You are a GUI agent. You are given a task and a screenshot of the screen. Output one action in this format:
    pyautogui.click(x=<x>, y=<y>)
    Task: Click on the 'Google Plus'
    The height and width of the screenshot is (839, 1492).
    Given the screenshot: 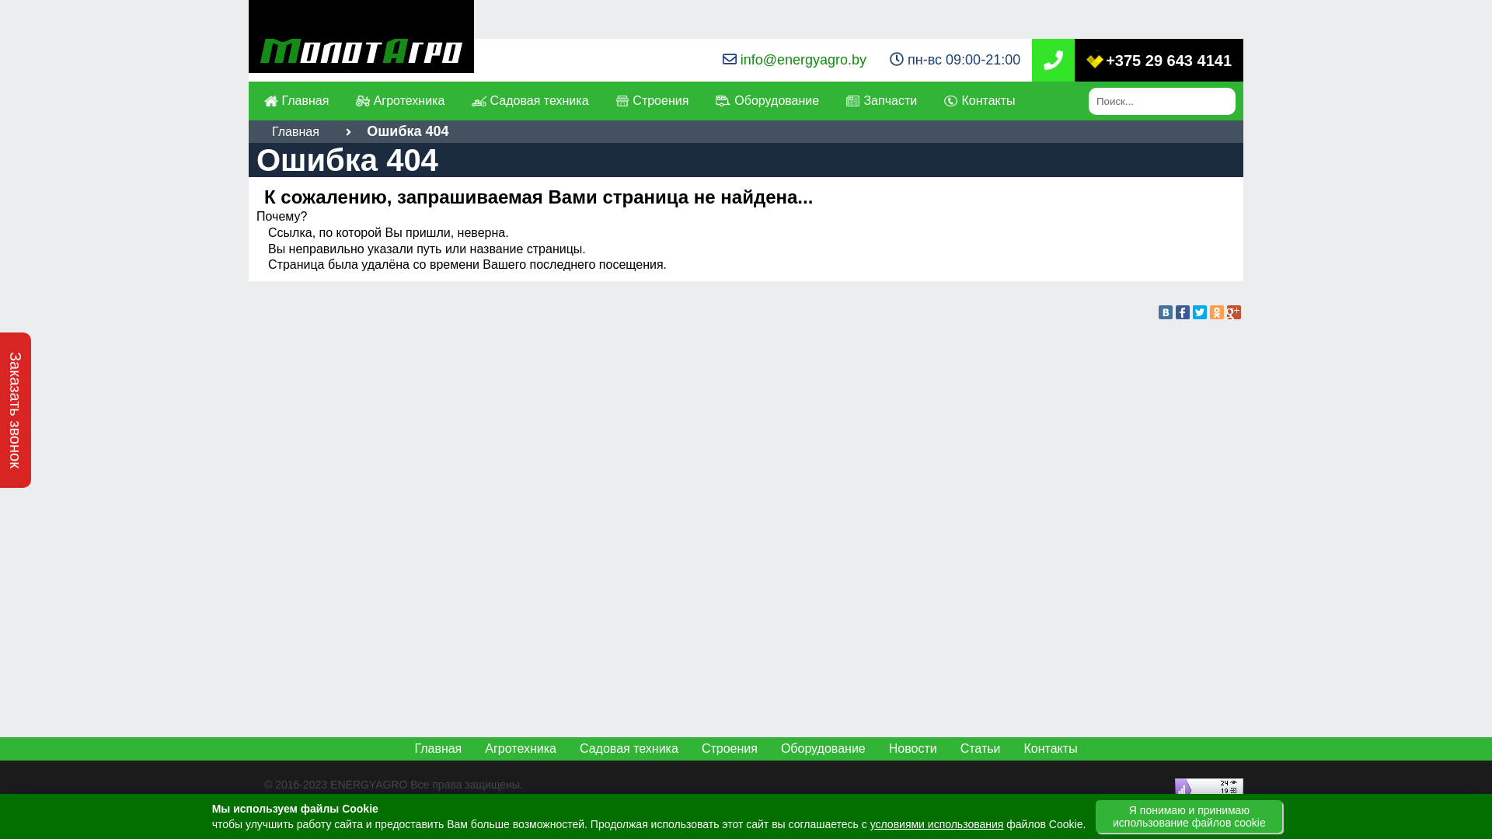 What is the action you would take?
    pyautogui.click(x=1233, y=312)
    